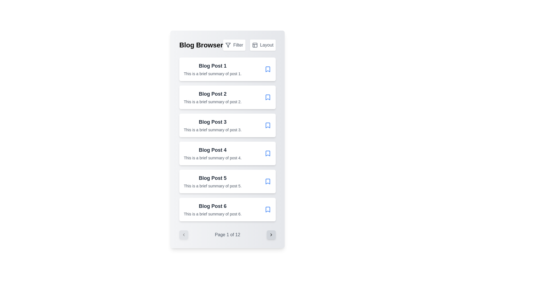 The width and height of the screenshot is (538, 303). What do you see at coordinates (227, 69) in the screenshot?
I see `the first blog post card in the list` at bounding box center [227, 69].